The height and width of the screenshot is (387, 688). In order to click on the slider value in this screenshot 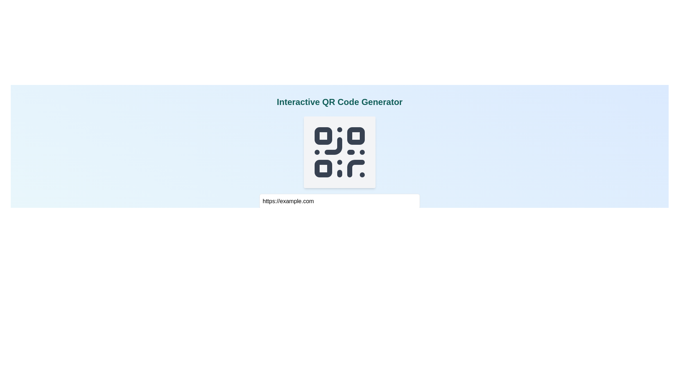, I will do `click(374, 217)`.